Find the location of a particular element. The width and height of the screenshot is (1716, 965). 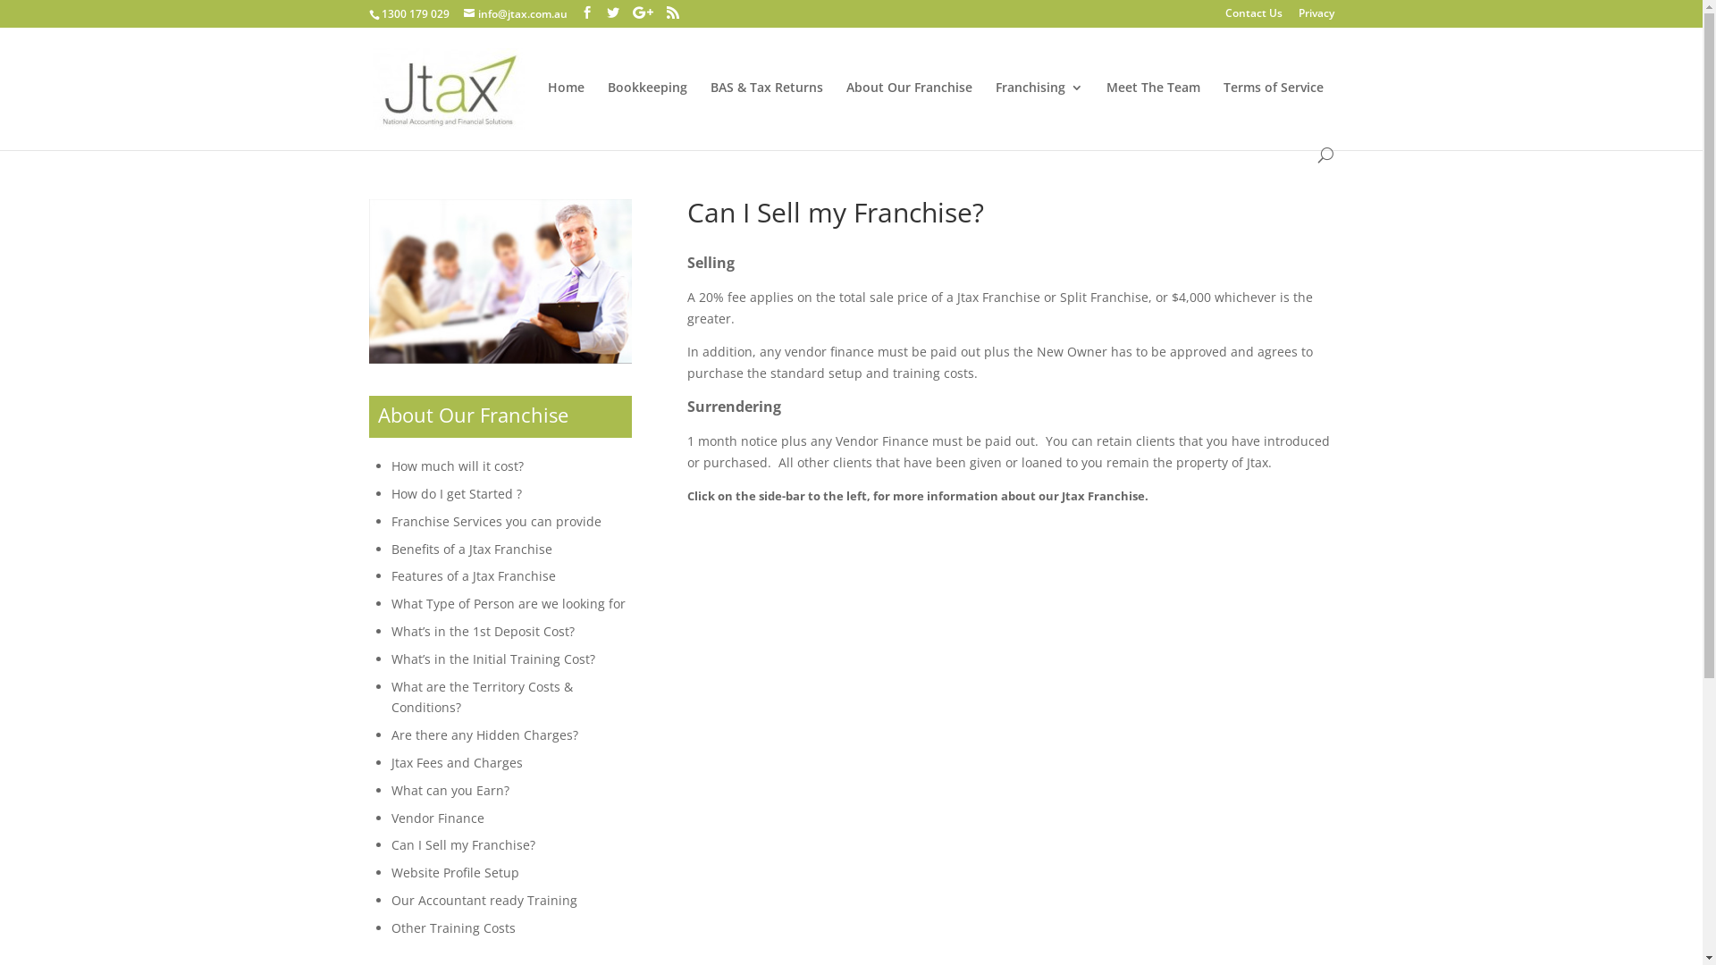

'Can I Sell my Franchise?' is located at coordinates (390, 844).